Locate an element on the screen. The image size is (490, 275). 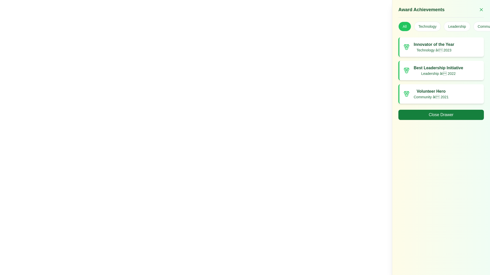
the static text element displaying 'Innovator of the Year' within the topmost card of the 'Award Achievements' list is located at coordinates (434, 47).